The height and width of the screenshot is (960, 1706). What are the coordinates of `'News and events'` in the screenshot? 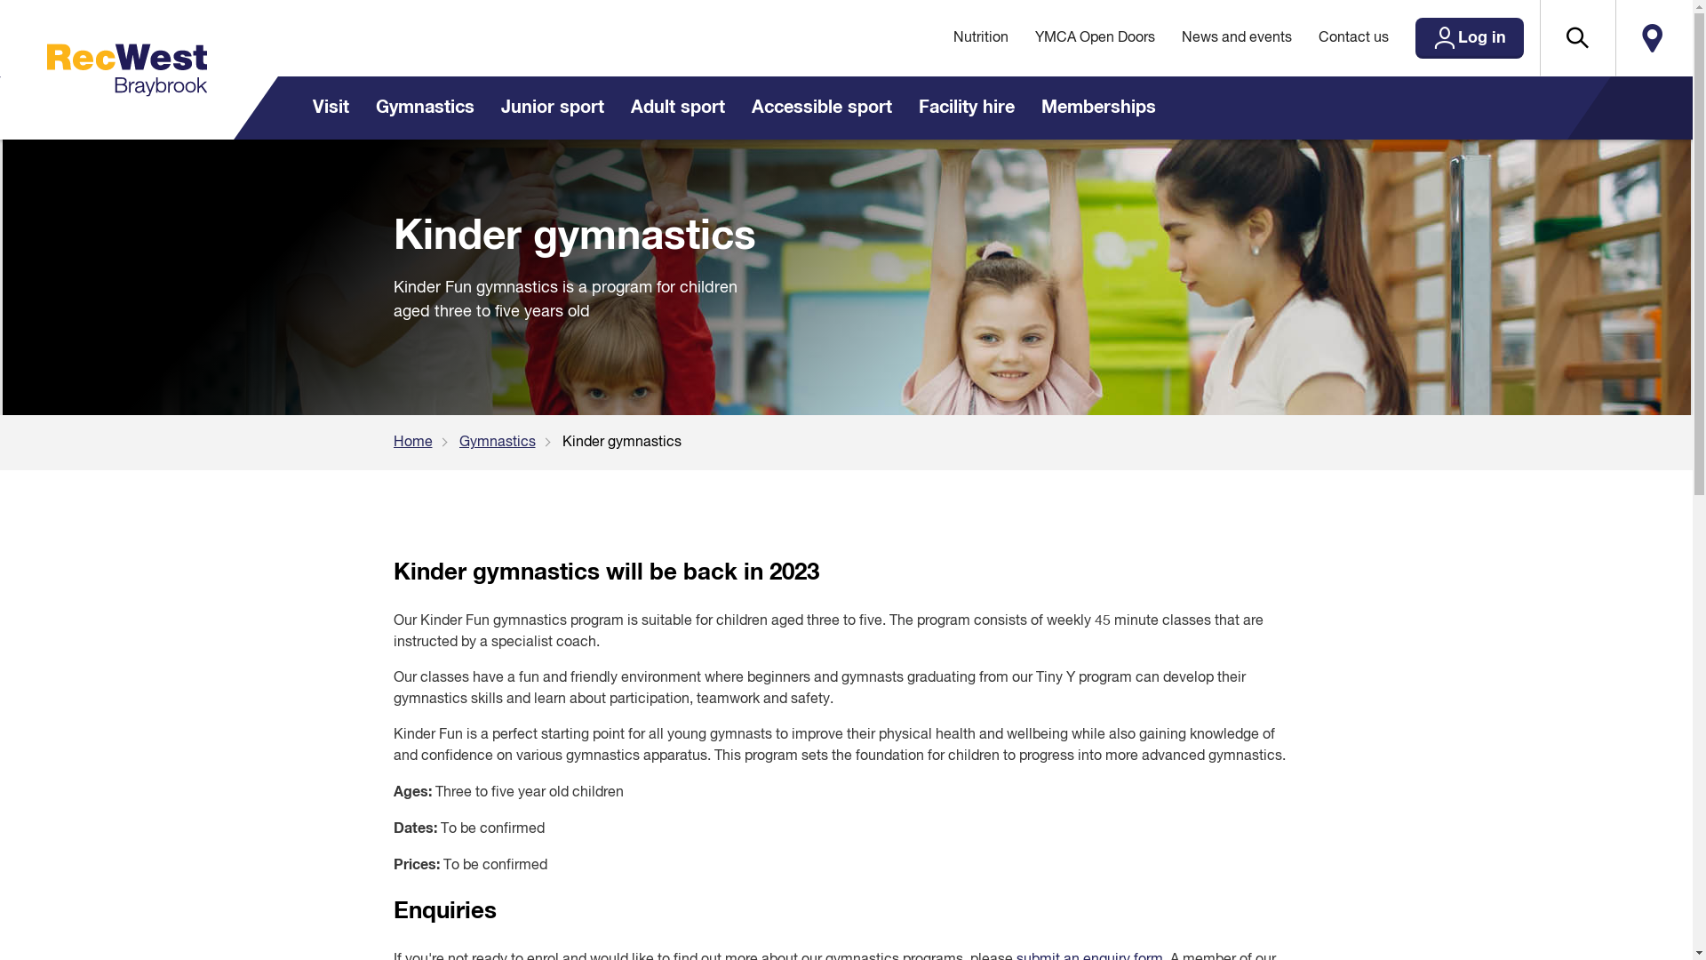 It's located at (1235, 37).